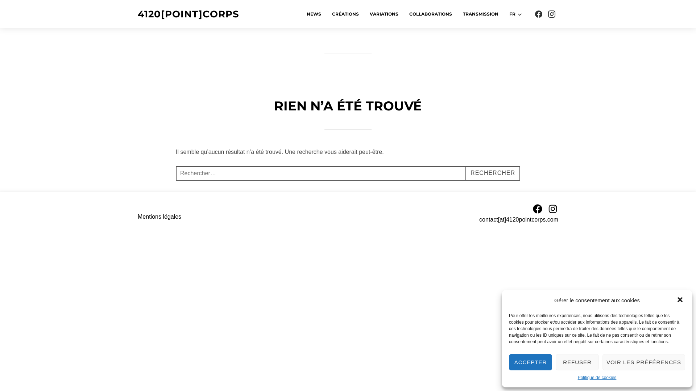 Image resolution: width=696 pixels, height=391 pixels. Describe the element at coordinates (552, 209) in the screenshot. I see `'Instagram'` at that location.